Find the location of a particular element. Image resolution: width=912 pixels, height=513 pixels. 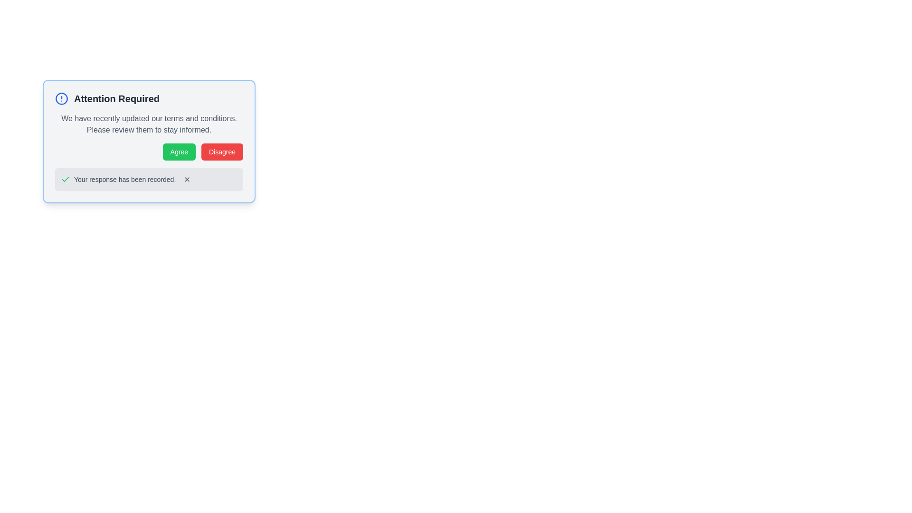

the informational text label that notifies the user their response has been successfully recorded, positioned between a green checkmark icon and a small interactive button with an 'X' icon is located at coordinates (124, 180).